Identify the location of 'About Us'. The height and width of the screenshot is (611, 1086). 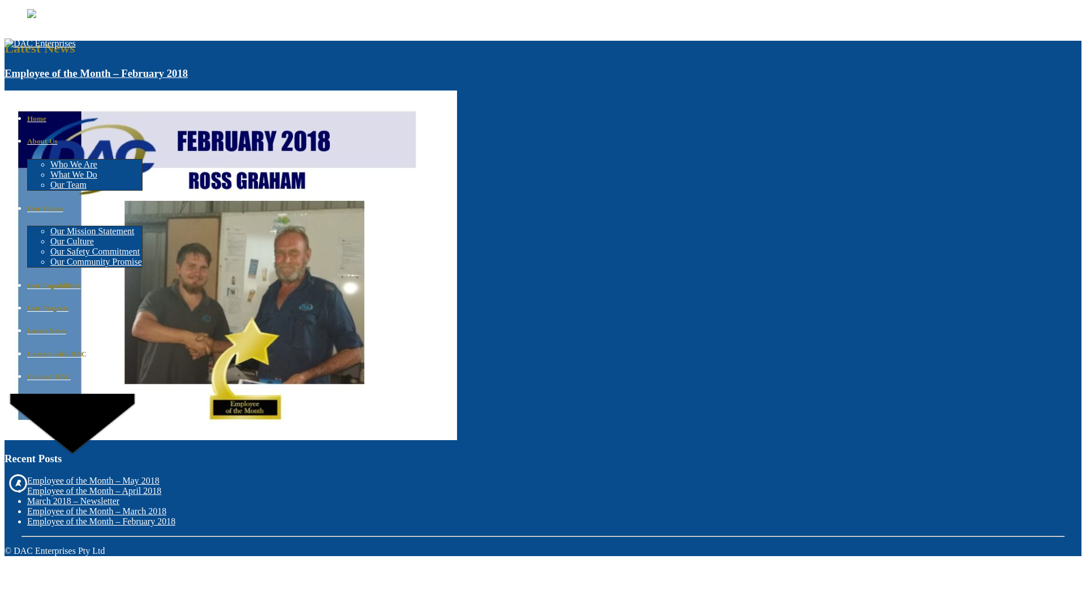
(84, 141).